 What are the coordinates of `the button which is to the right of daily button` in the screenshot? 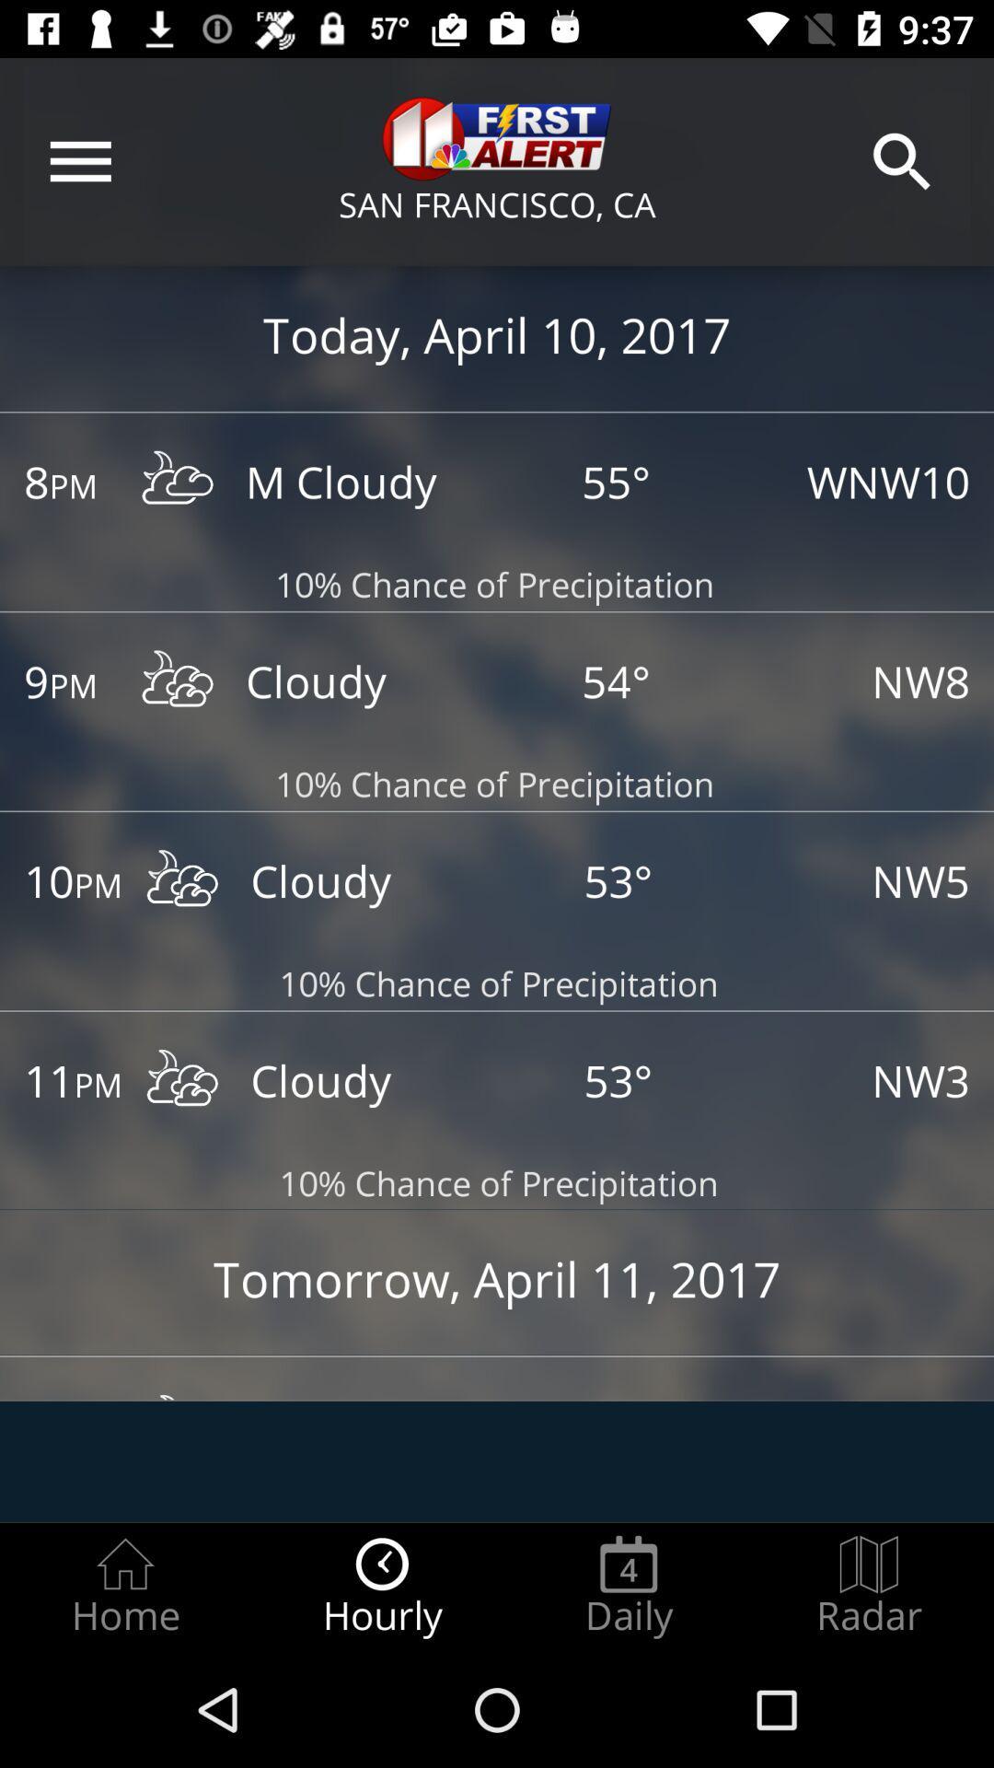 It's located at (869, 1586).